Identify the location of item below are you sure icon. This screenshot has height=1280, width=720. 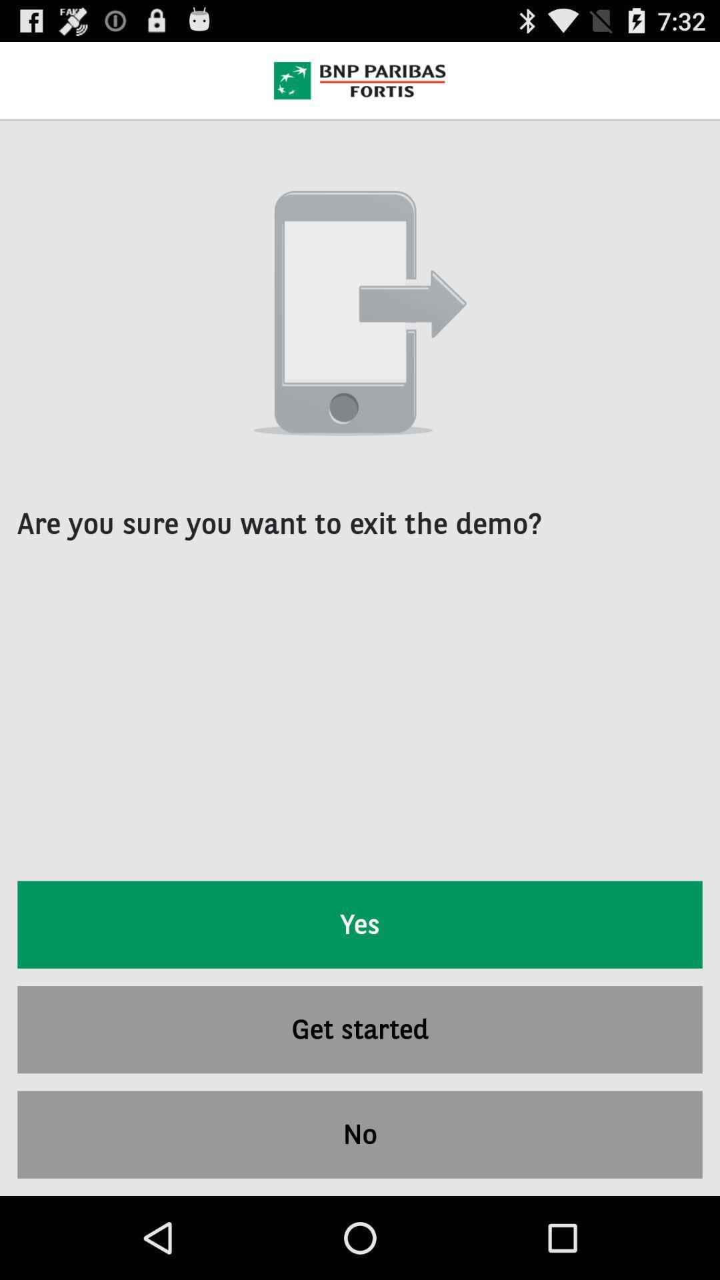
(360, 924).